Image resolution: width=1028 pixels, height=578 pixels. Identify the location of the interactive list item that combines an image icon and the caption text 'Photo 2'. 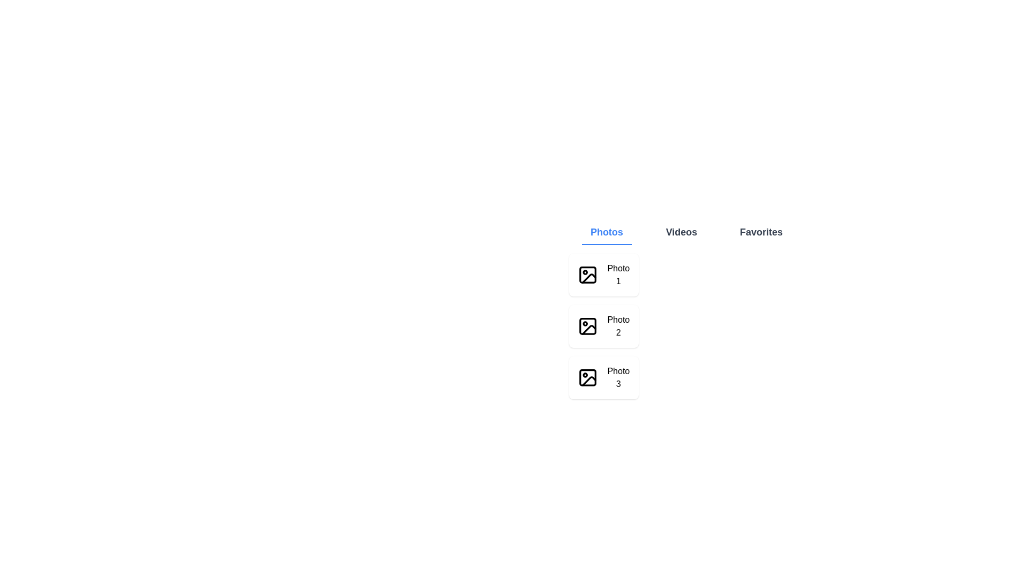
(604, 325).